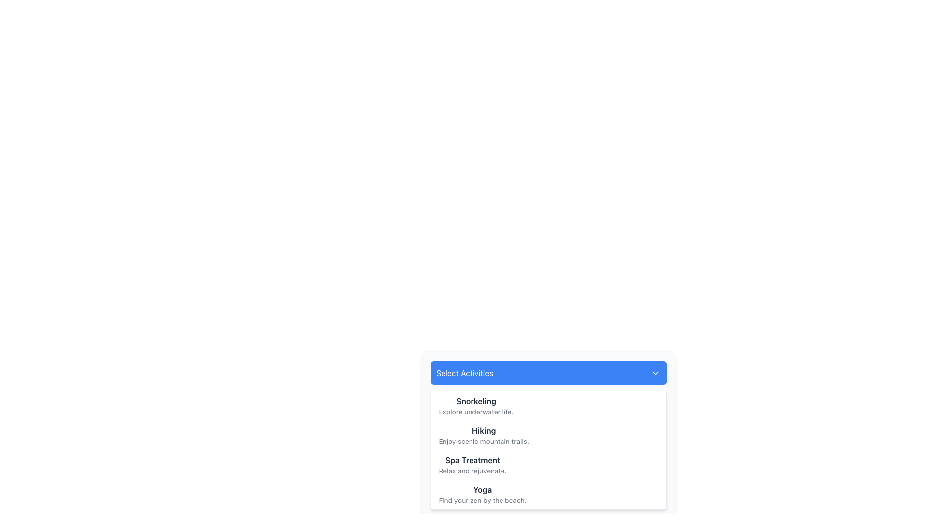 This screenshot has height=531, width=944. What do you see at coordinates (548, 465) in the screenshot?
I see `the 'Spa Treatment' menu item in the selectable activities list` at bounding box center [548, 465].